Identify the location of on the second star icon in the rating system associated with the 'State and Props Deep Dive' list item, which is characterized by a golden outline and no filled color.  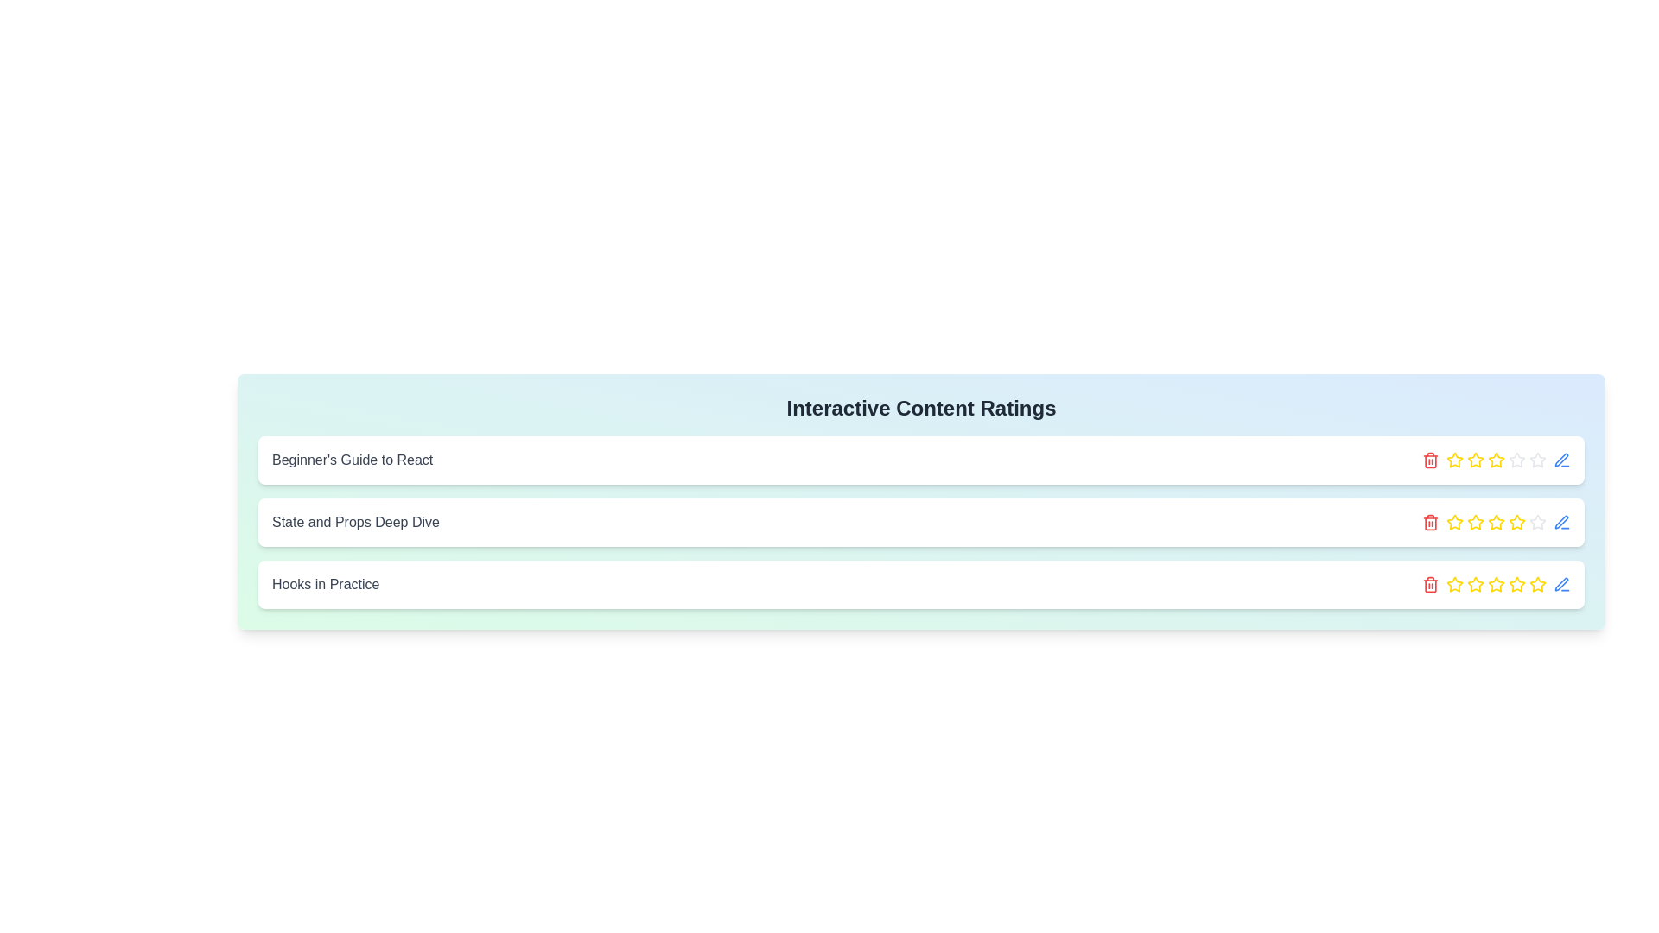
(1453, 459).